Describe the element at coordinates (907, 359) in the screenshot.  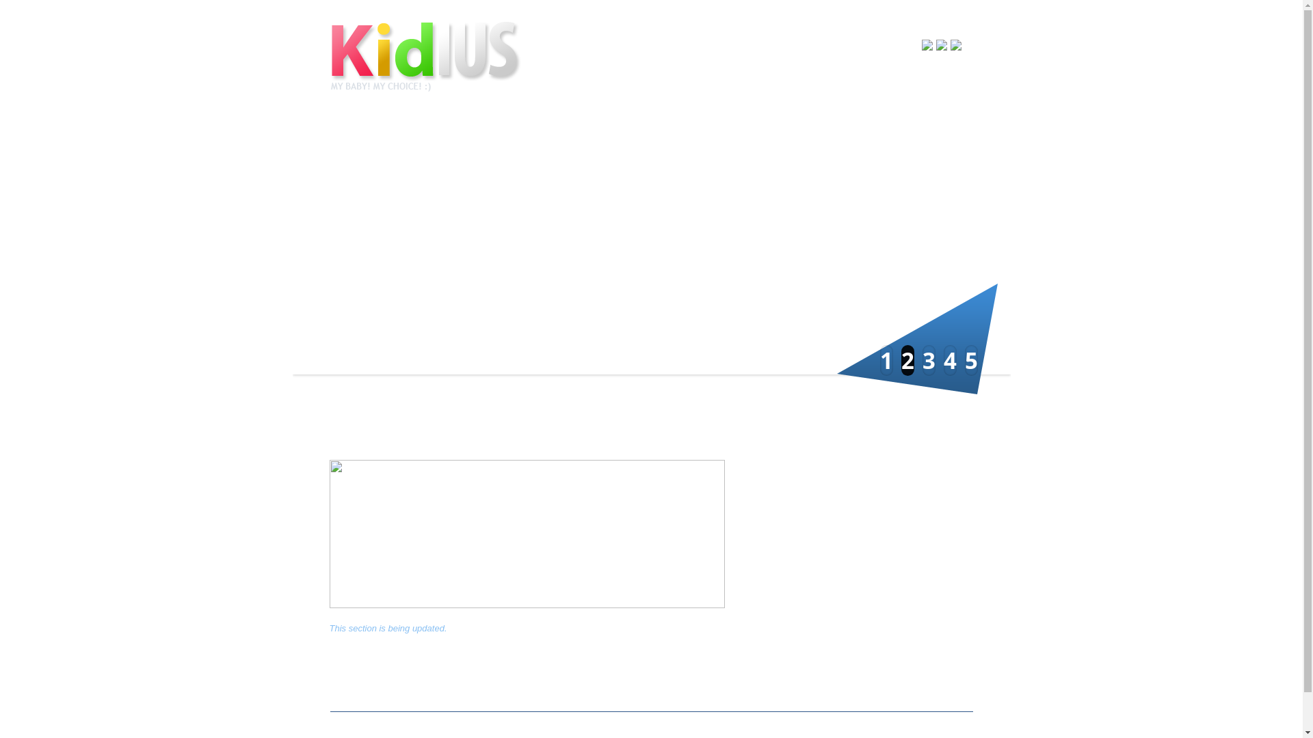
I see `'2'` at that location.